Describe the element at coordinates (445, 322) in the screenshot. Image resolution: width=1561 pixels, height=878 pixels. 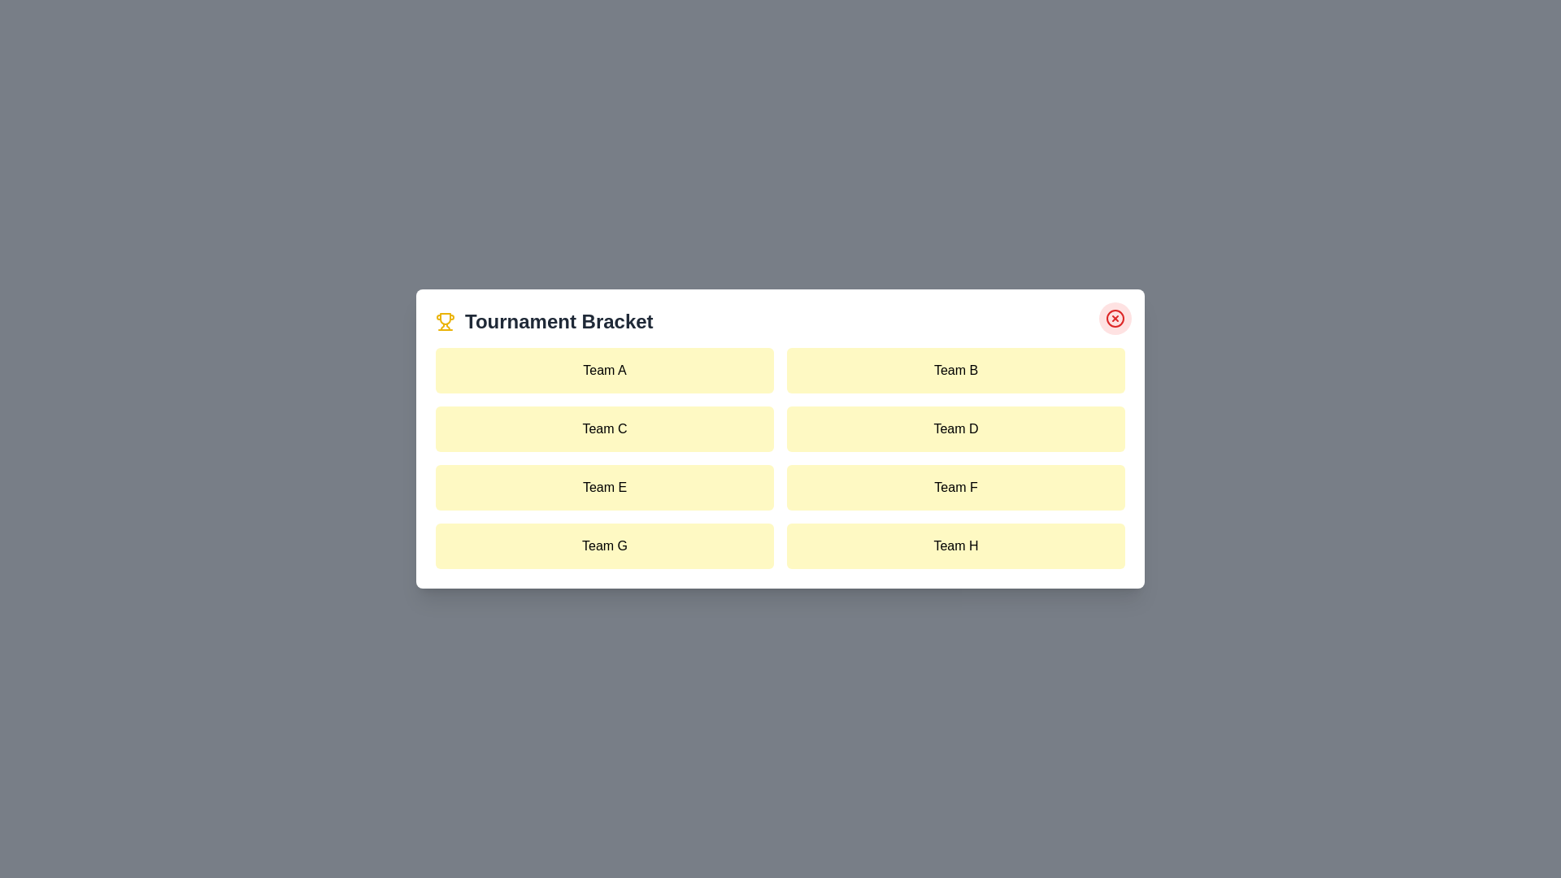
I see `the trophy icon next to the title` at that location.